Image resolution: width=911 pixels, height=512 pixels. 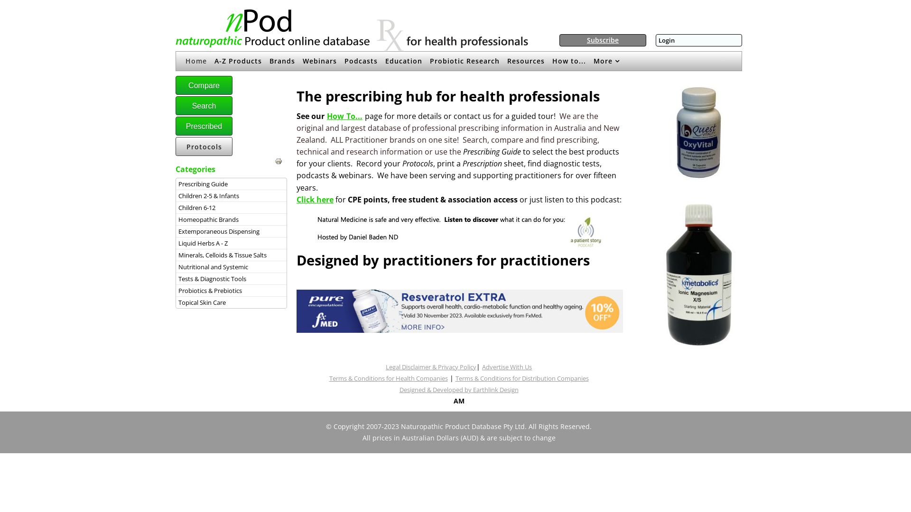 What do you see at coordinates (586, 39) in the screenshot?
I see `'Subscribe'` at bounding box center [586, 39].